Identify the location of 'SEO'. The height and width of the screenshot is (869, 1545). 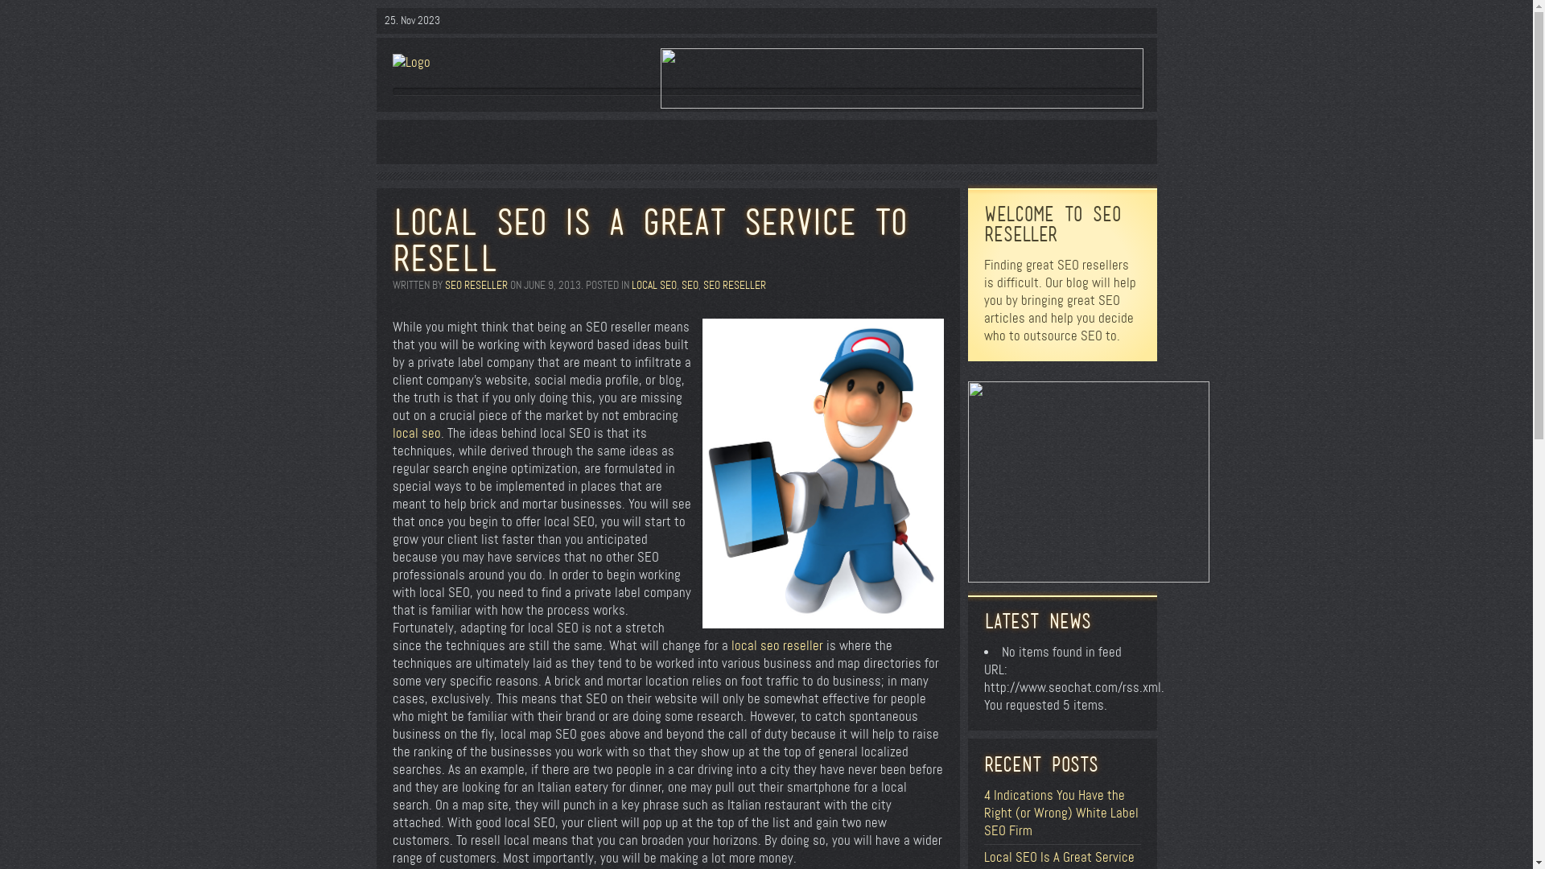
(680, 284).